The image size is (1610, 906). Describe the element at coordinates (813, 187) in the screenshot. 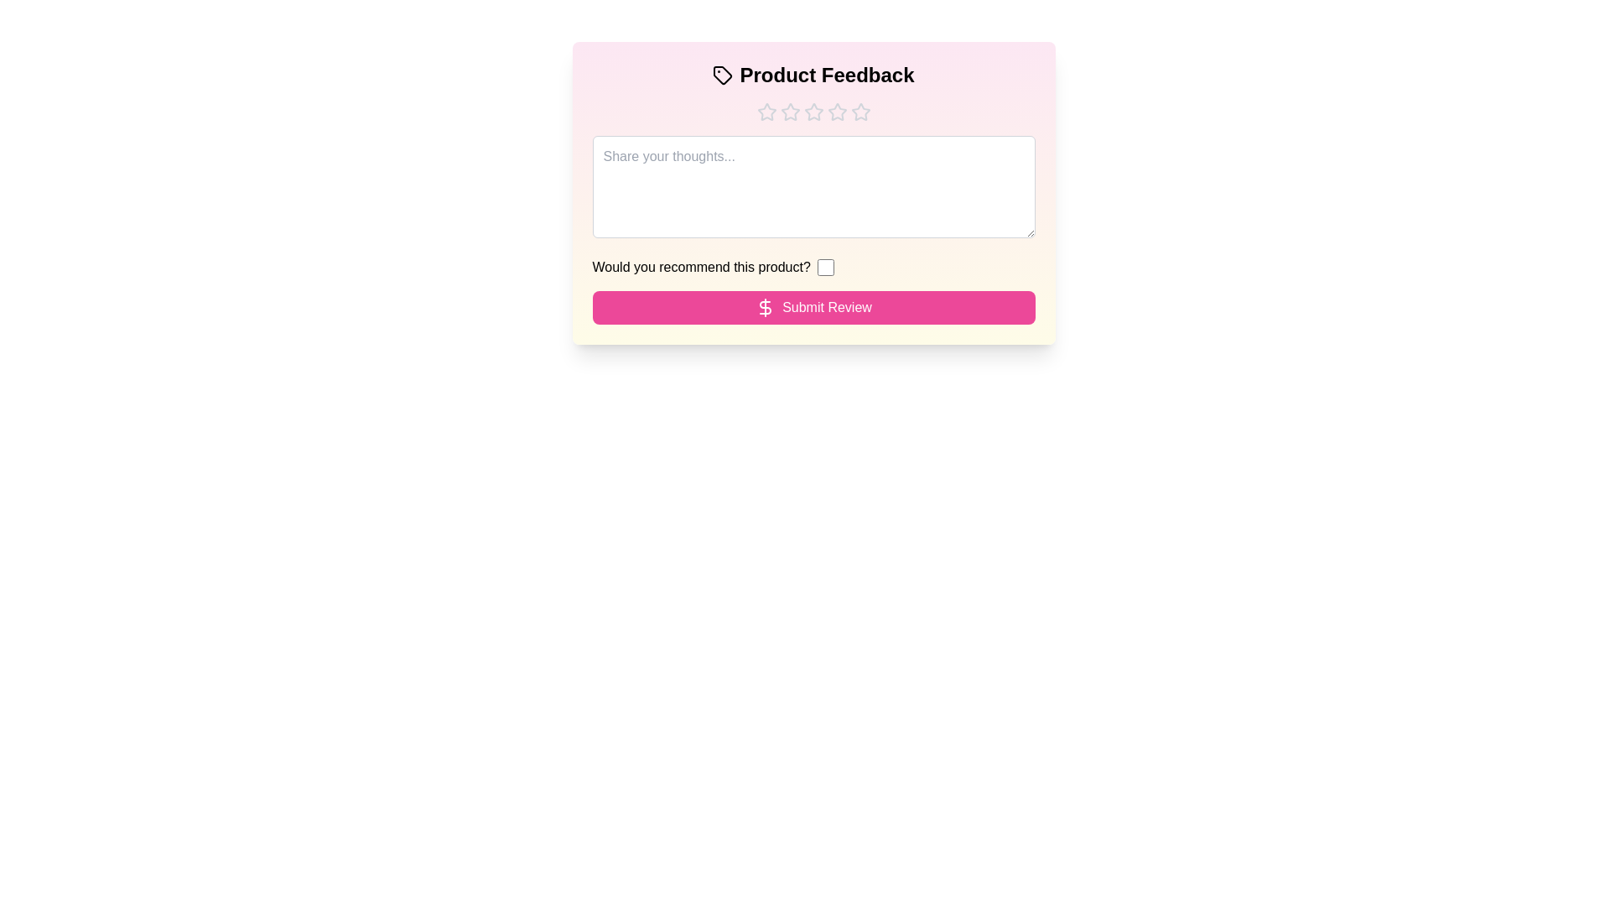

I see `the text area and type the feedback text` at that location.